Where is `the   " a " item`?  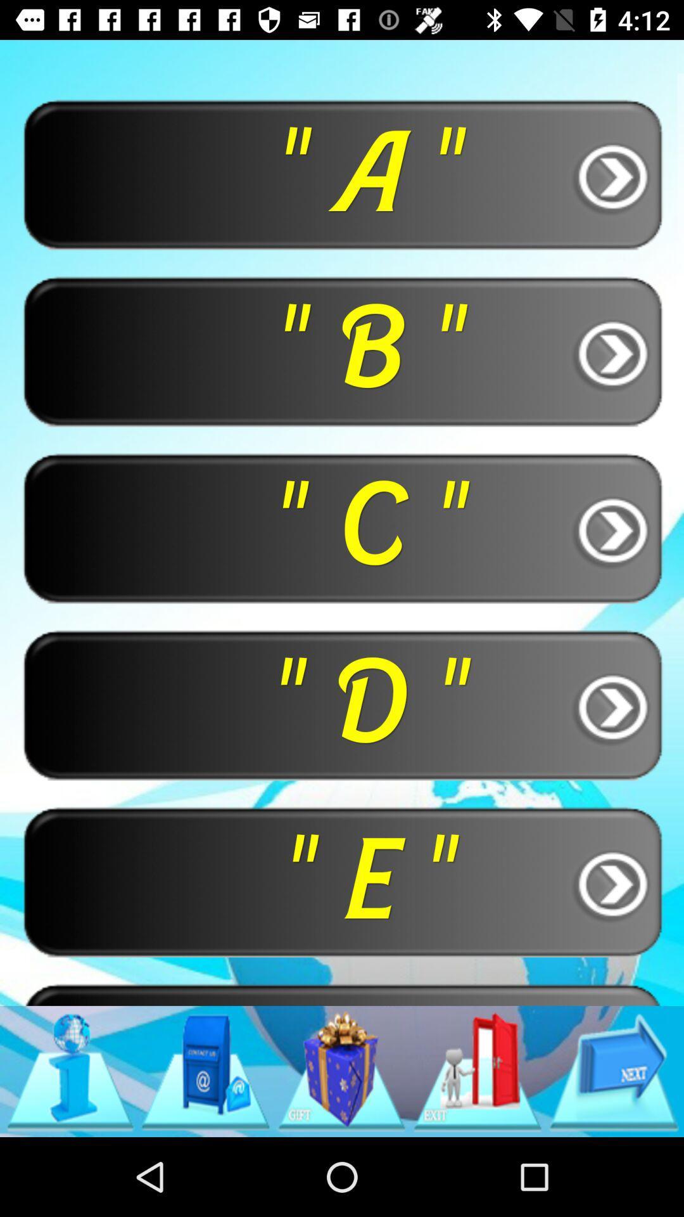
the   " a " item is located at coordinates (342, 173).